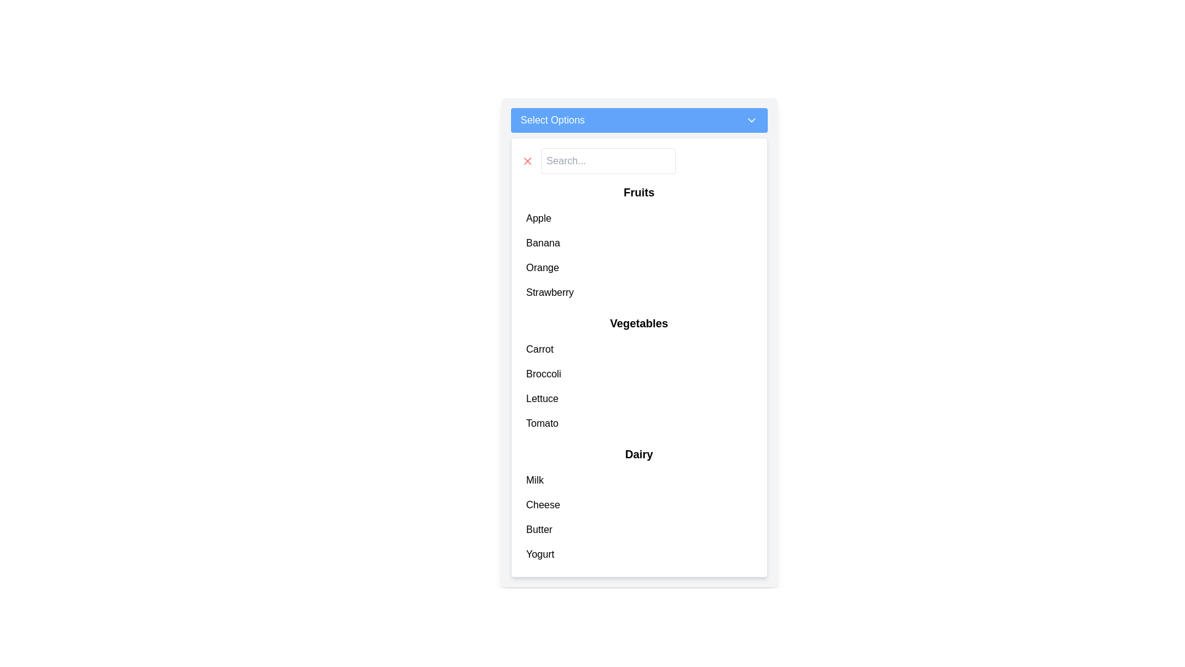 The height and width of the screenshot is (667, 1185). What do you see at coordinates (542, 423) in the screenshot?
I see `the 'Tomato' label, which is the fourth item in the 'Vegetables' dropdown menu` at bounding box center [542, 423].